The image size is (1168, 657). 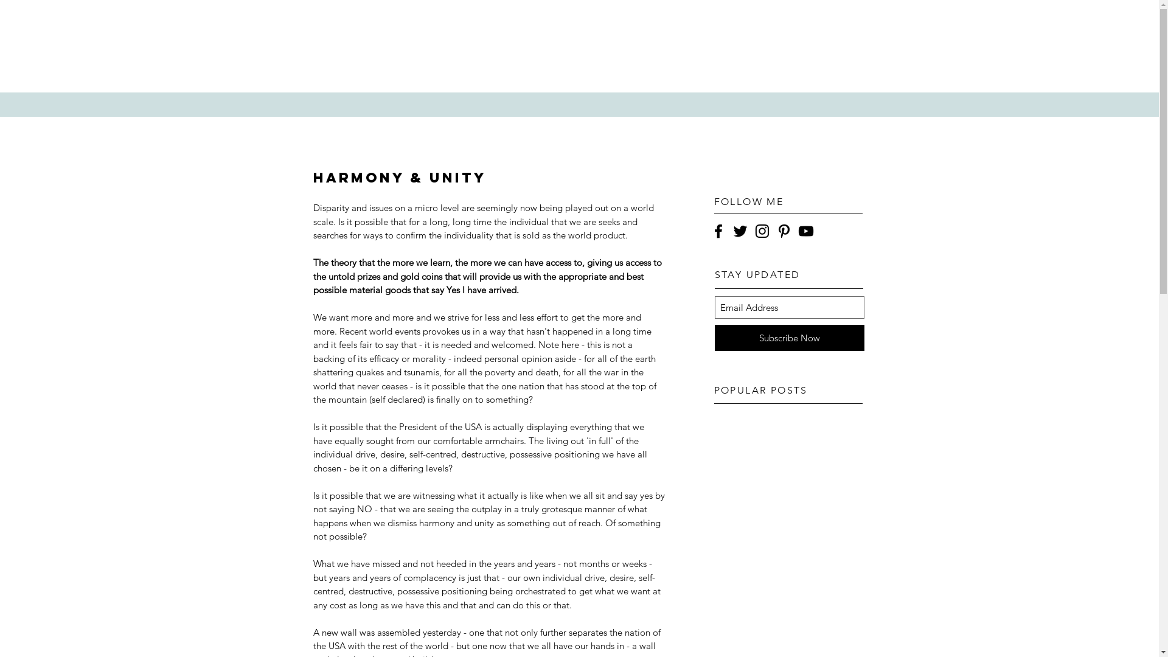 I want to click on 'Subscribe Now', so click(x=788, y=338).